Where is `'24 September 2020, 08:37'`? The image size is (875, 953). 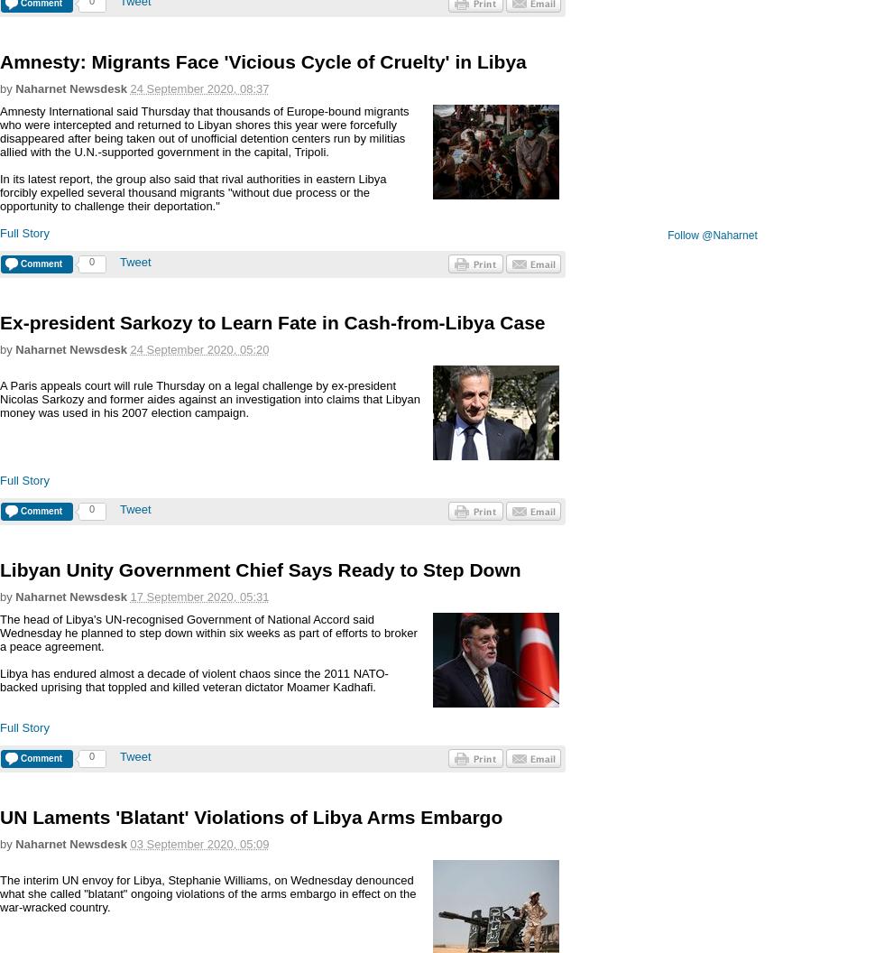
'24 September 2020, 08:37' is located at coordinates (198, 88).